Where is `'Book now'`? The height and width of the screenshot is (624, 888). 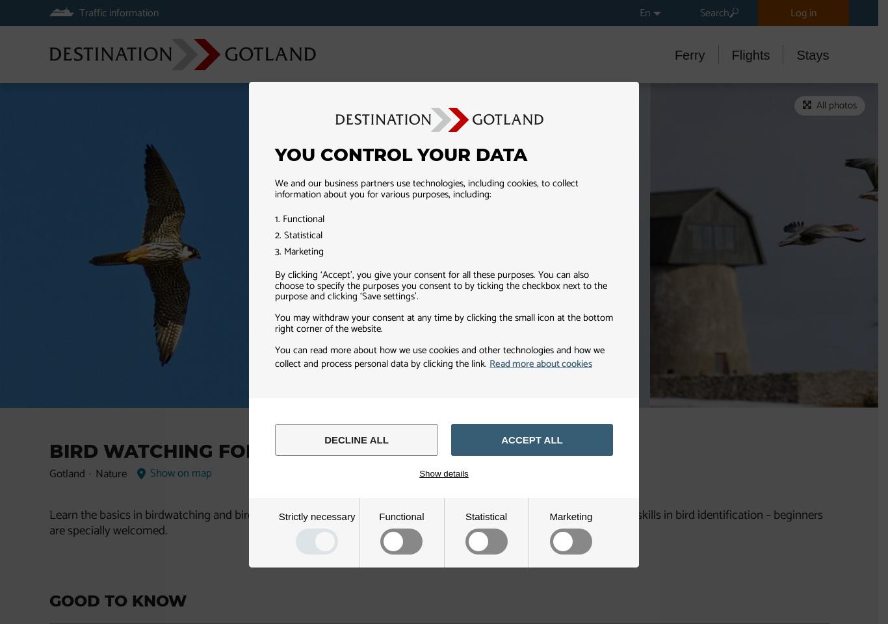
'Book now' is located at coordinates (107, 101).